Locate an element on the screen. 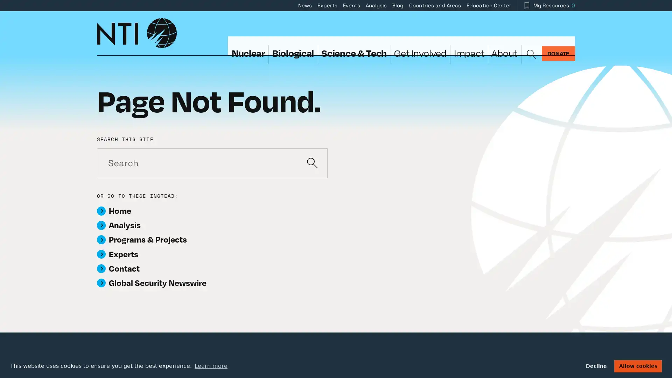 The height and width of the screenshot is (378, 672). allow cookies is located at coordinates (638, 365).